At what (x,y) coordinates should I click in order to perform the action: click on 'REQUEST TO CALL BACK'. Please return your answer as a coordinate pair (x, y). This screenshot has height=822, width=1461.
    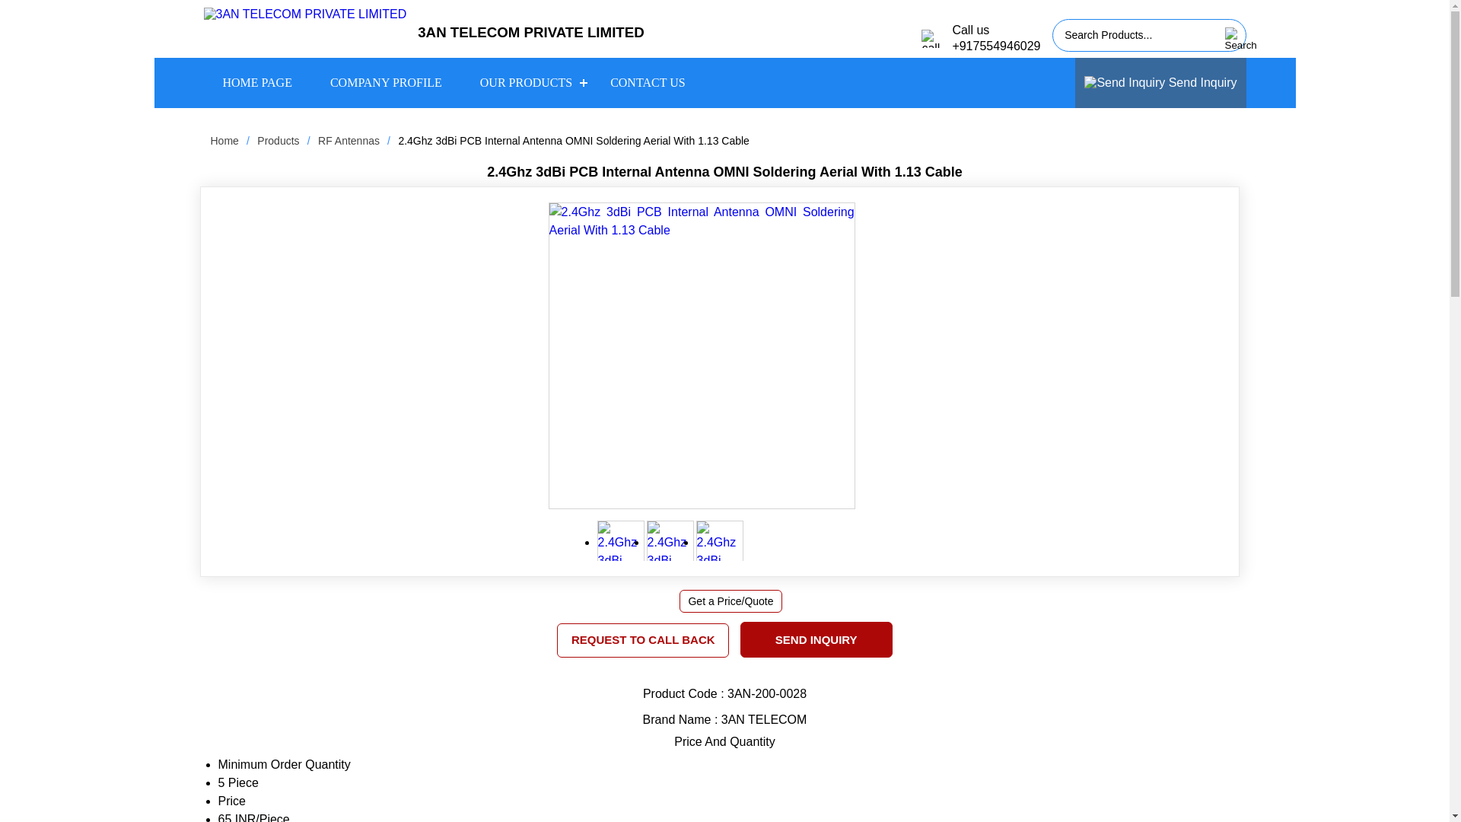
    Looking at the image, I should click on (555, 639).